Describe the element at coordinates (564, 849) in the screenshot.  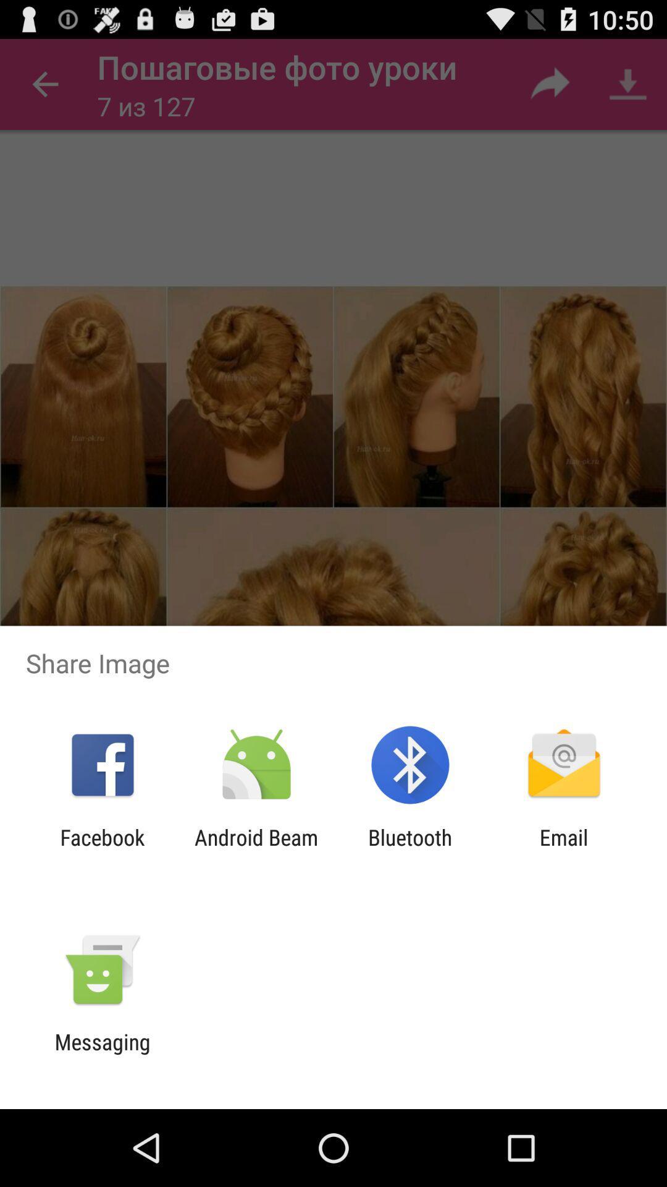
I see `the icon next to bluetooth` at that location.